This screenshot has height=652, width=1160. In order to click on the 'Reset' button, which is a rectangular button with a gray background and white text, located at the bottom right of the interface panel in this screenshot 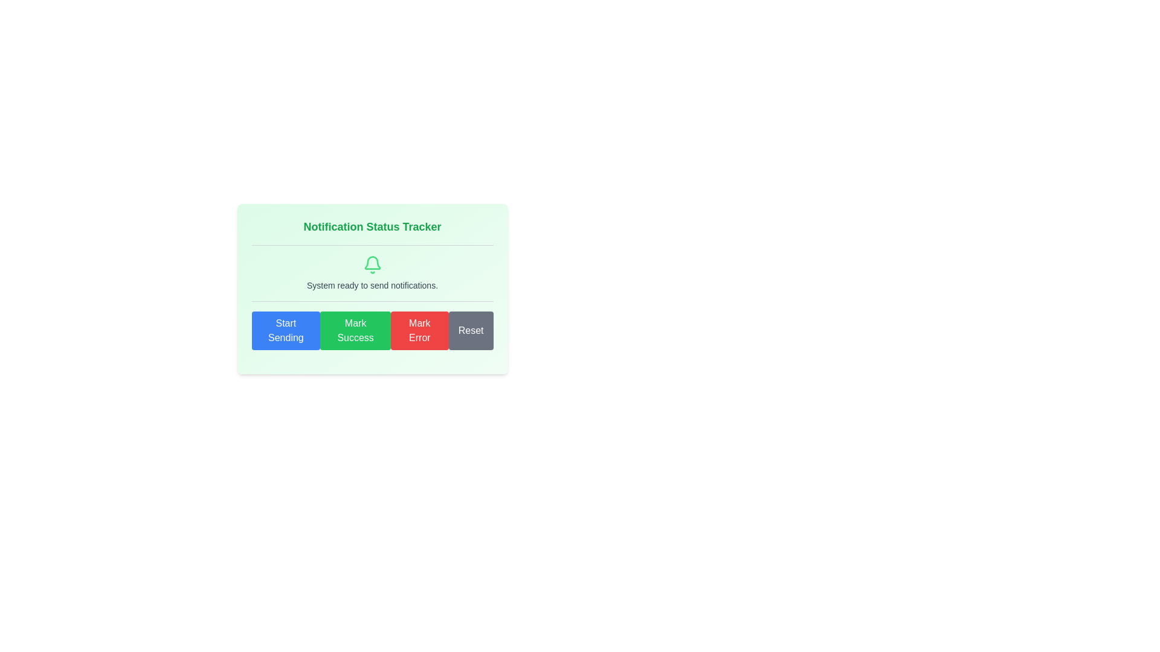, I will do `click(470, 330)`.